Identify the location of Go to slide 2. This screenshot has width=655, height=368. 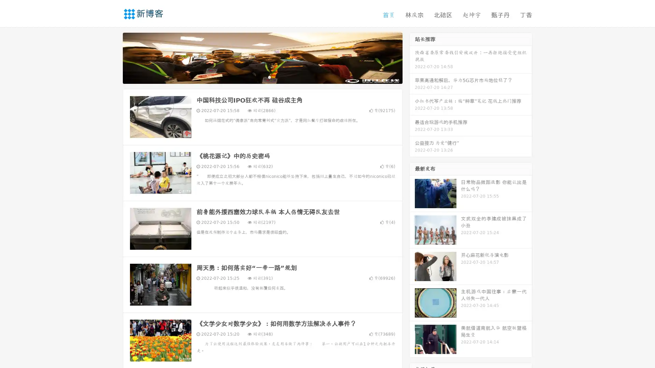
(262, 77).